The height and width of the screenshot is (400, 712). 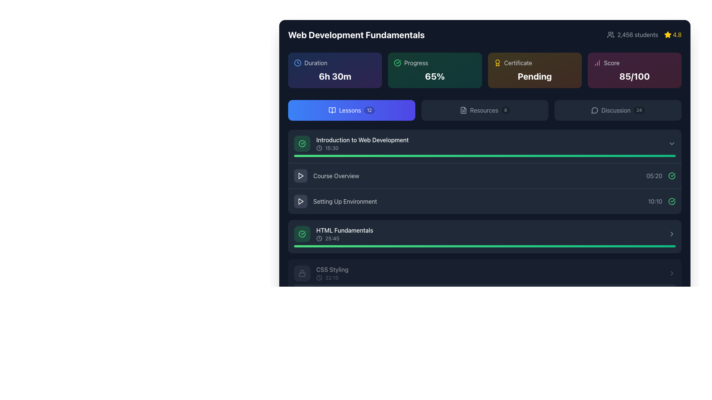 I want to click on the icon representing the count of students, located at the top-right corner of the interface, preceding the text '2,456 students', so click(x=610, y=34).